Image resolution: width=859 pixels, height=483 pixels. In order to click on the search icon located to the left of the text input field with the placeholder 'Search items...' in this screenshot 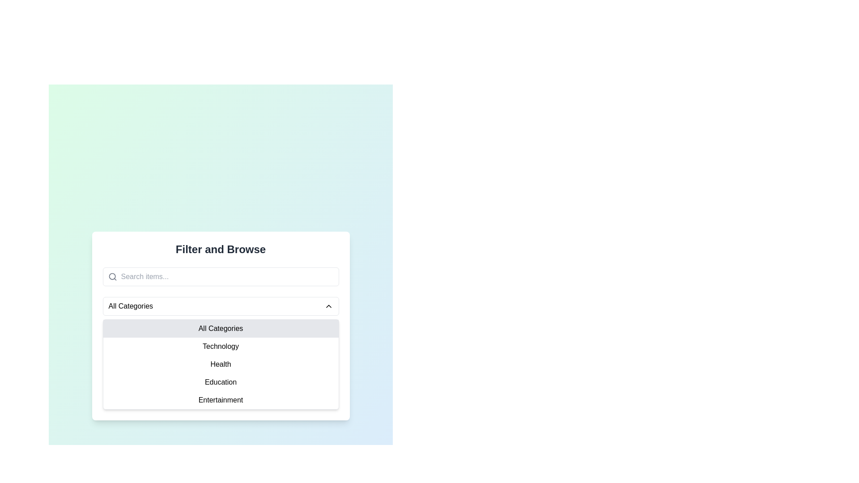, I will do `click(112, 276)`.